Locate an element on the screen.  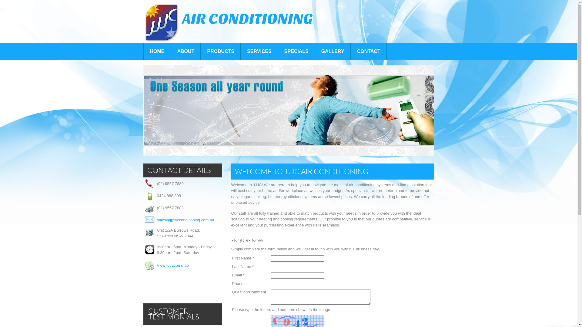
'SPECIALS' is located at coordinates (278, 51).